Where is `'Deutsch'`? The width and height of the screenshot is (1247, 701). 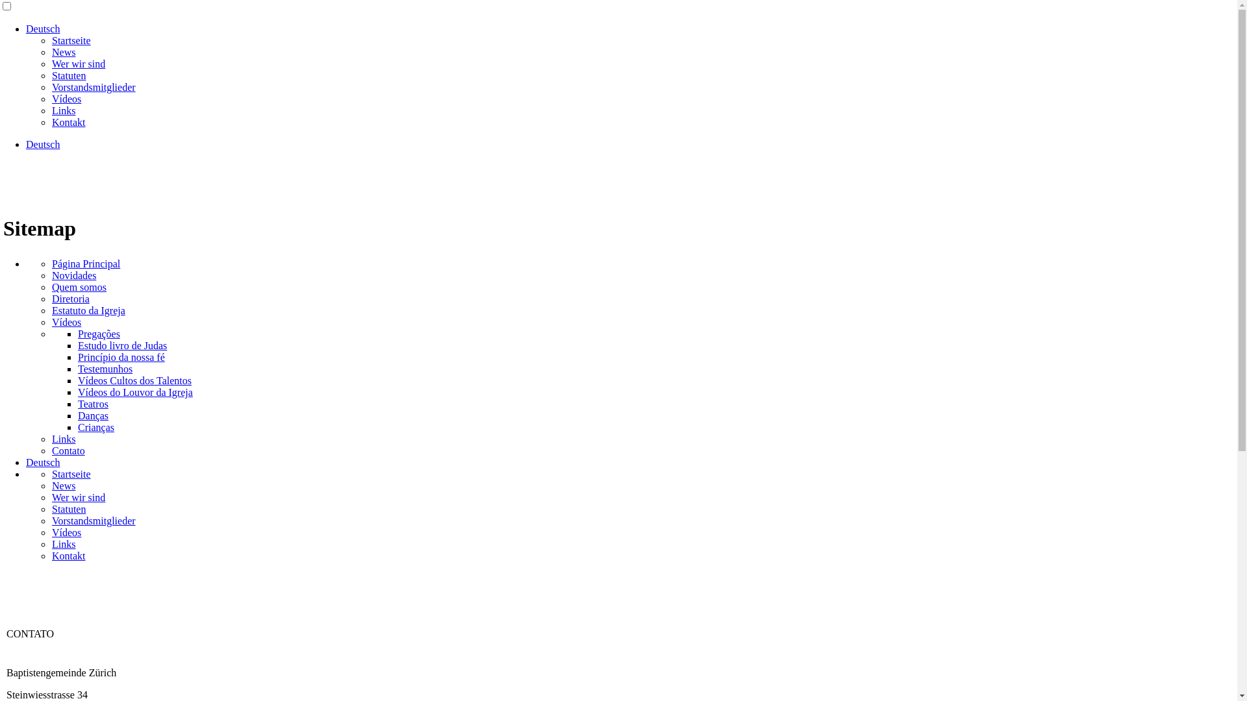
'Deutsch' is located at coordinates (43, 461).